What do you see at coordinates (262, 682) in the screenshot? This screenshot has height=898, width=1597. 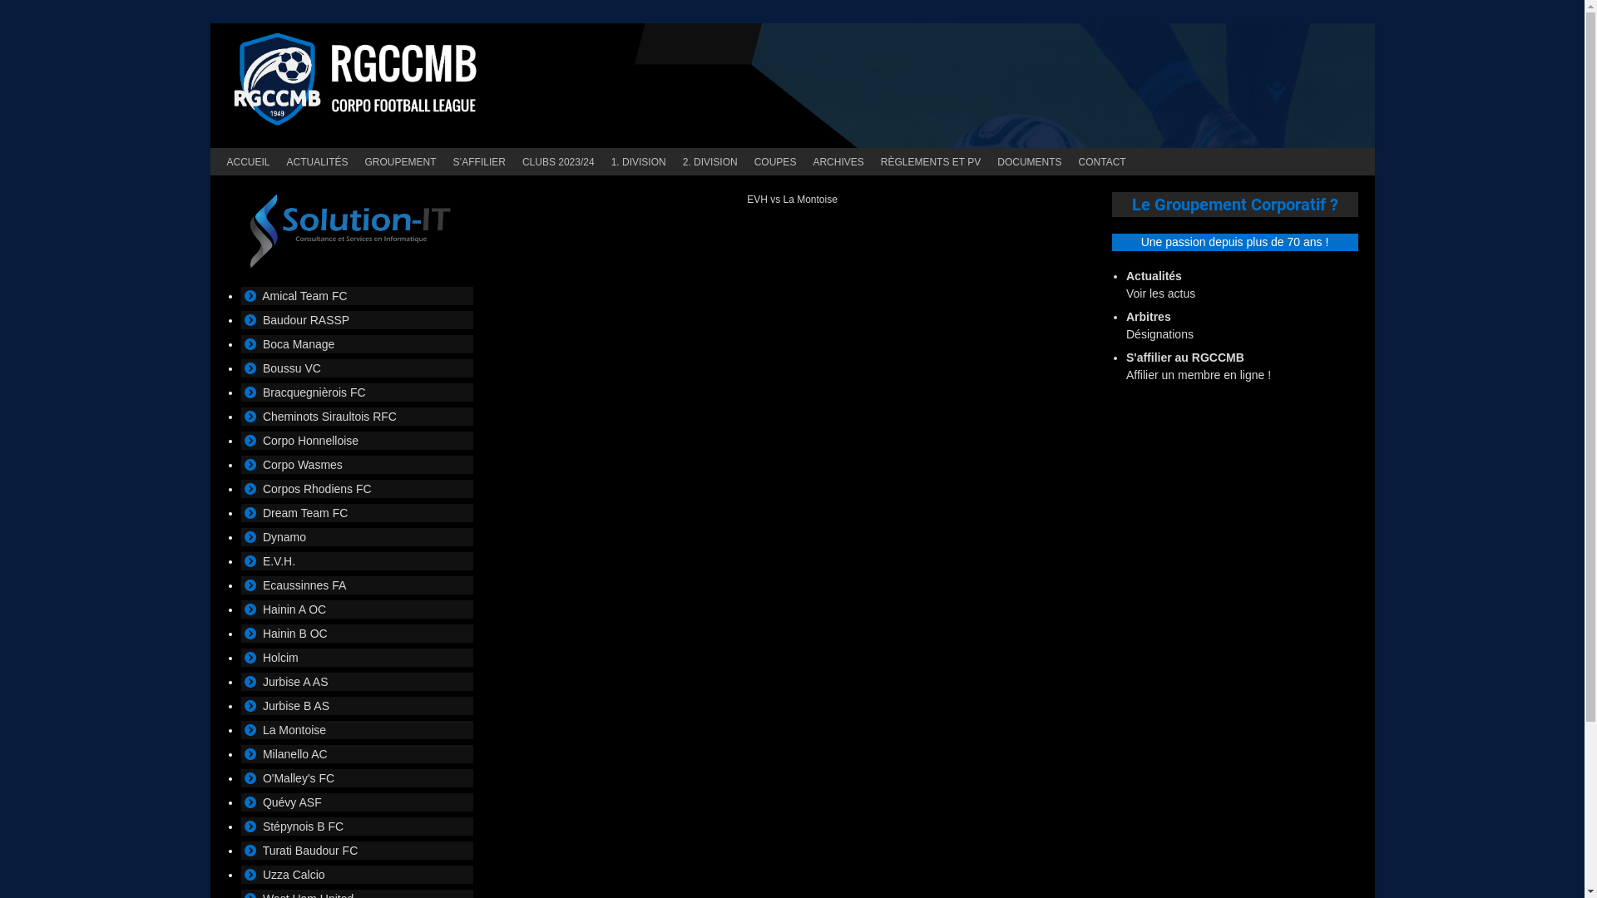 I see `'Jurbise A AS'` at bounding box center [262, 682].